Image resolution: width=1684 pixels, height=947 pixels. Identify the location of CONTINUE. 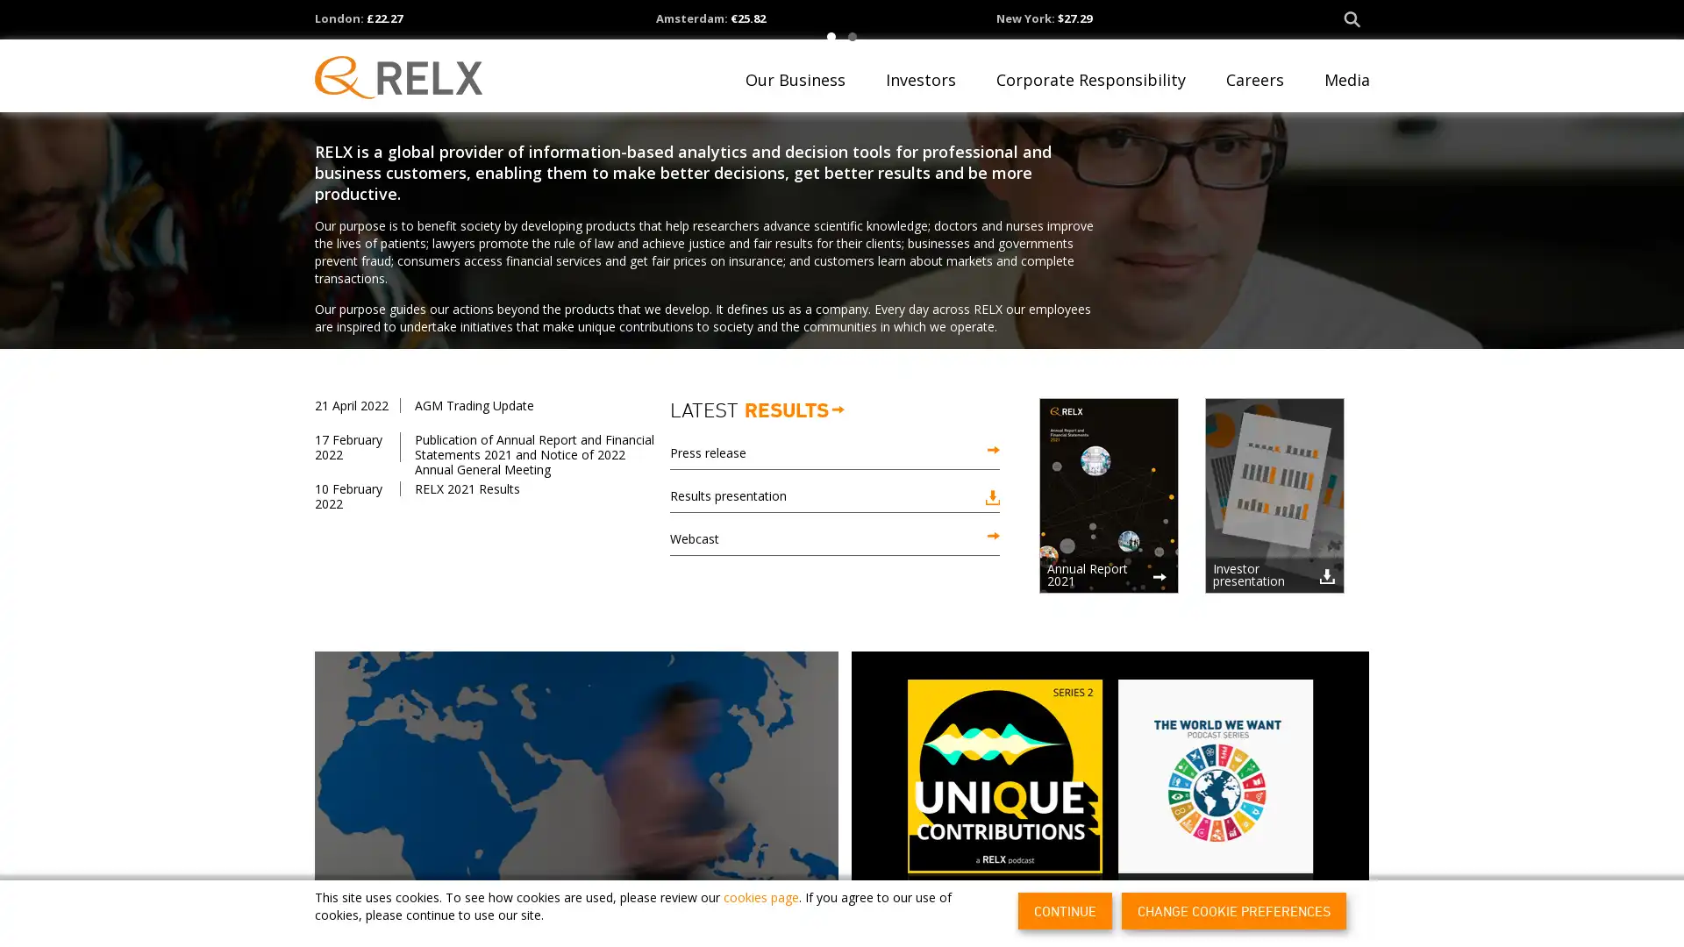
(1071, 909).